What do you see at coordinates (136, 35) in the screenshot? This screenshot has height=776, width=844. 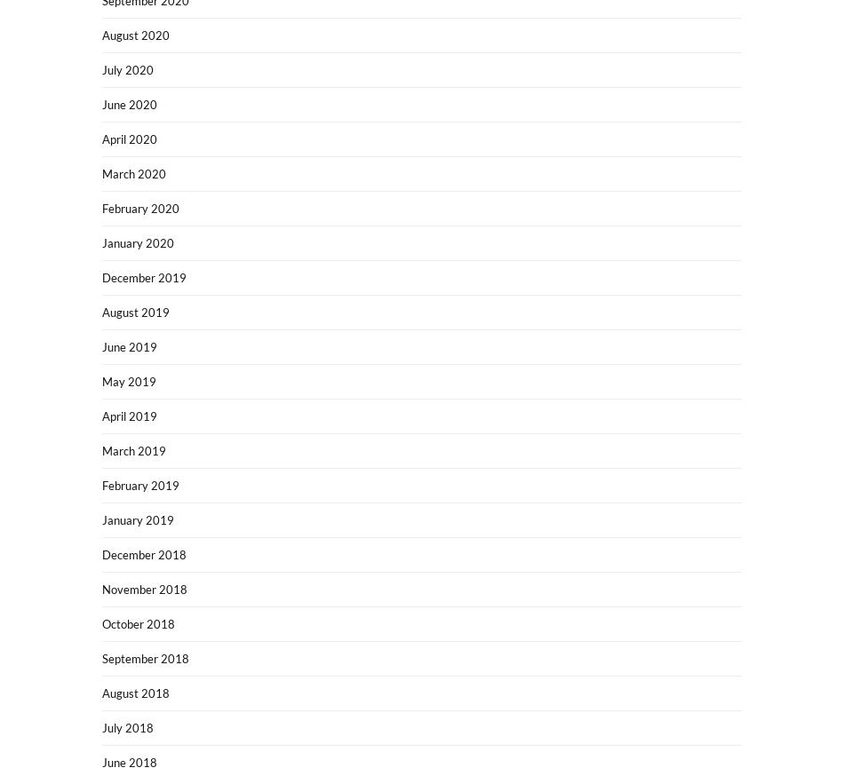 I see `'August 2020'` at bounding box center [136, 35].